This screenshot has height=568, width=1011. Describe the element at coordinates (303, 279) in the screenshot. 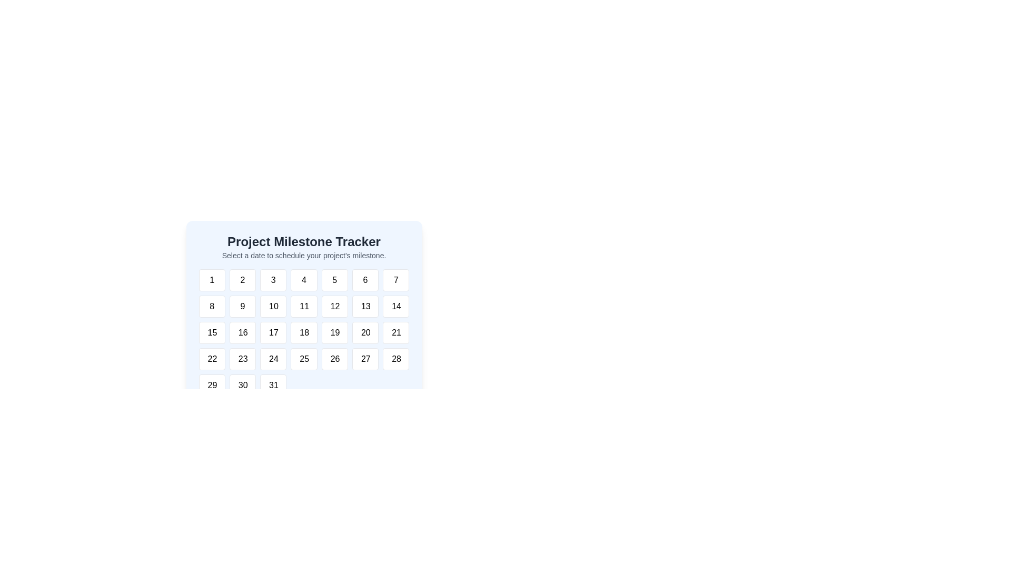

I see `the square button with a white background and the number '4' centered in black font` at that location.